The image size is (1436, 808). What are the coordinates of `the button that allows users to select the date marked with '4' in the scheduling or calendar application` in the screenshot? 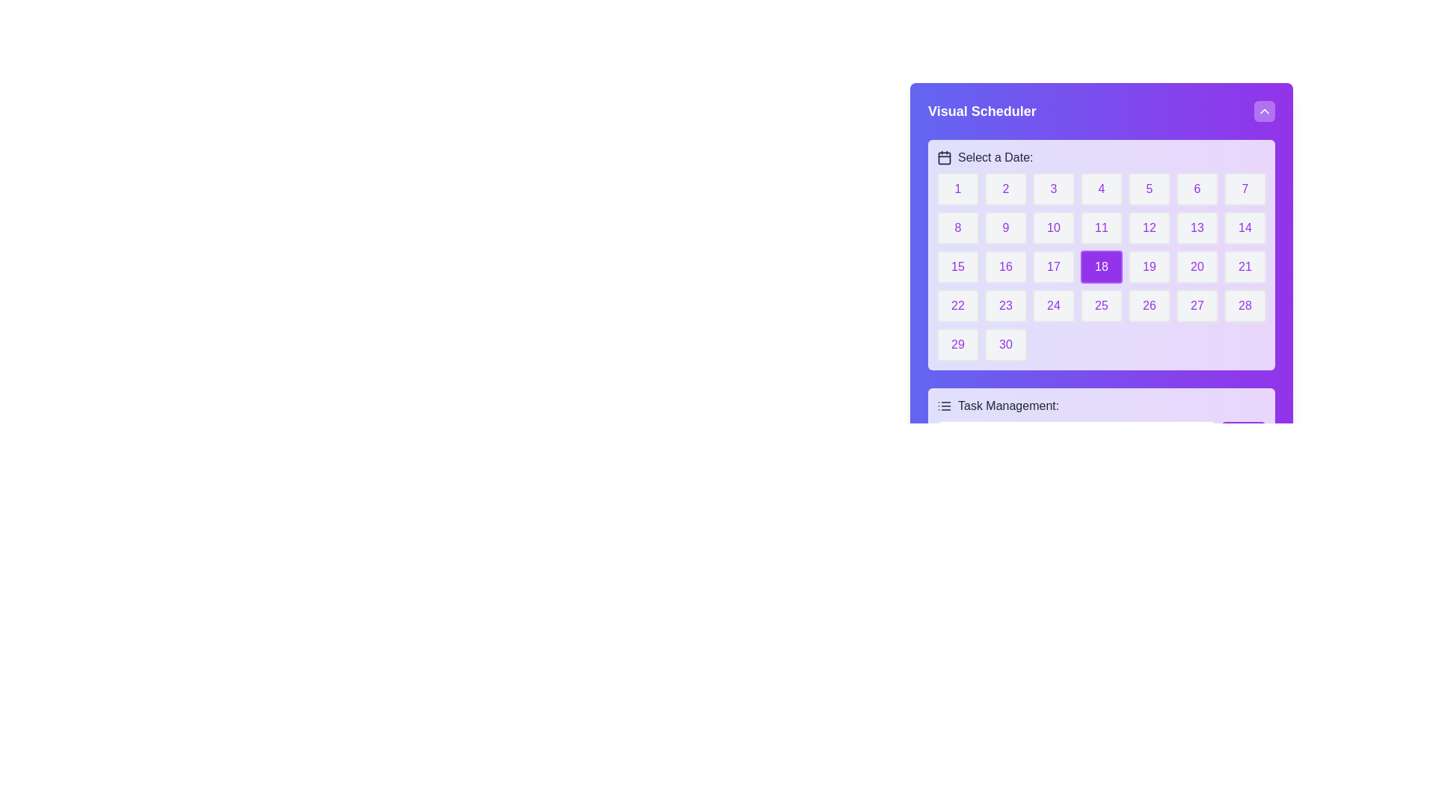 It's located at (1102, 189).